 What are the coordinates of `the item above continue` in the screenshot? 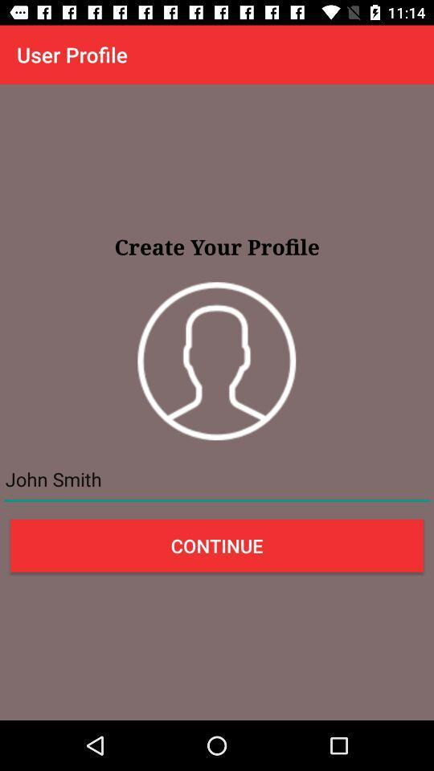 It's located at (217, 479).